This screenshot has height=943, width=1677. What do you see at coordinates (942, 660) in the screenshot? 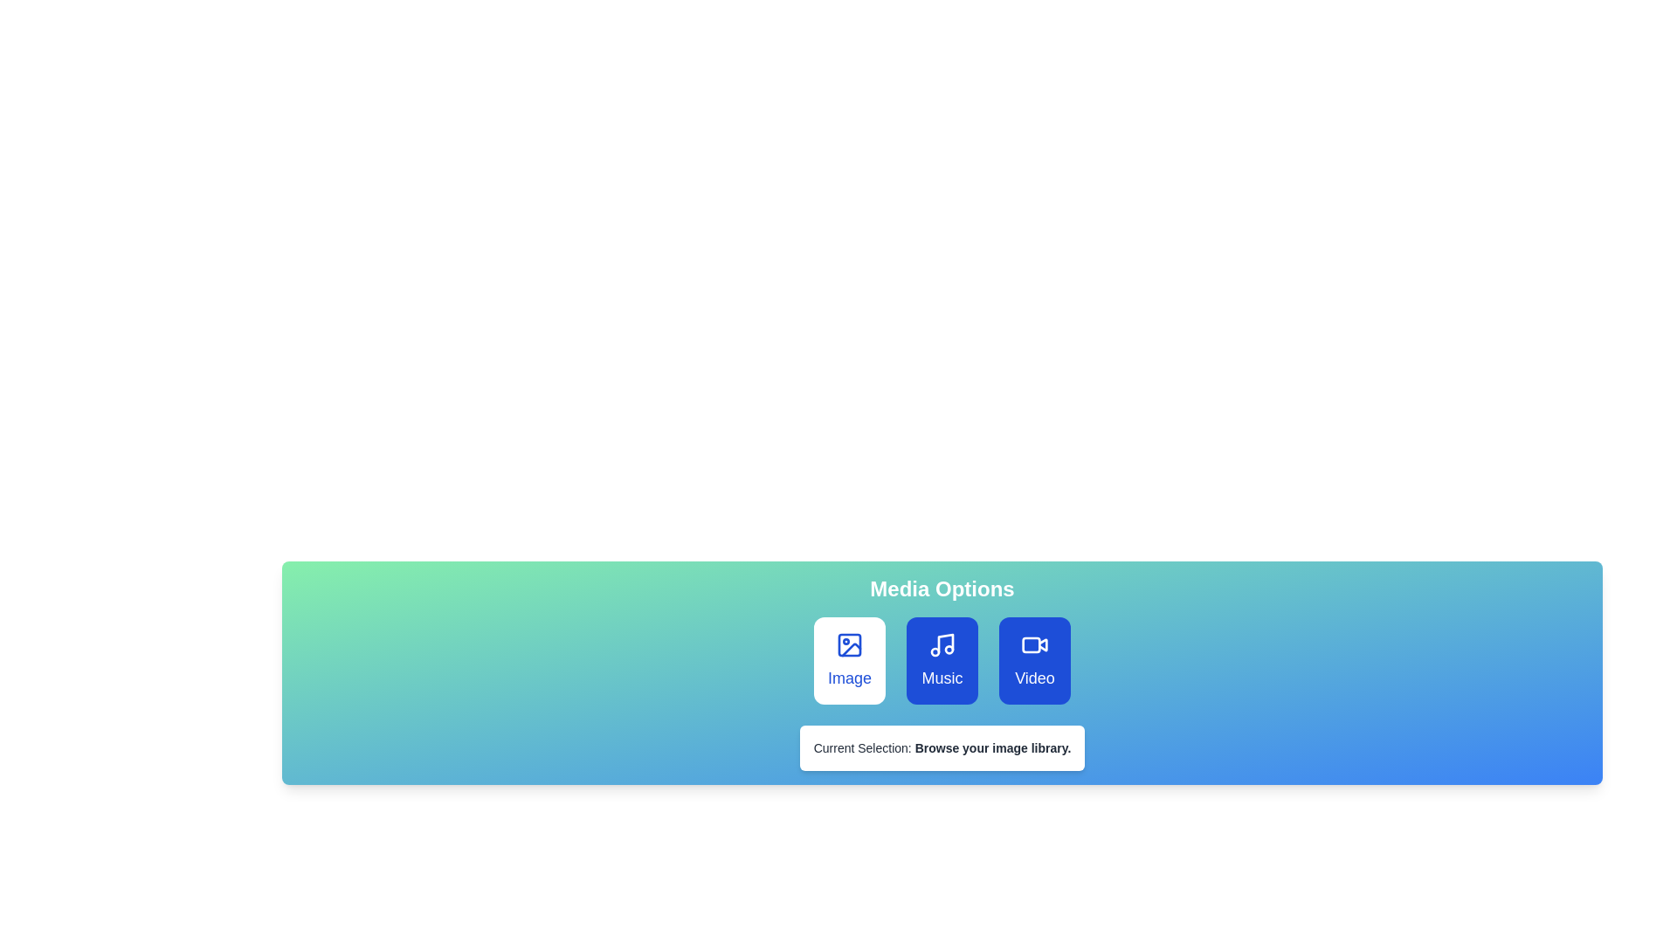
I see `the second button in the grid layout labeled 'Media Options'` at bounding box center [942, 660].